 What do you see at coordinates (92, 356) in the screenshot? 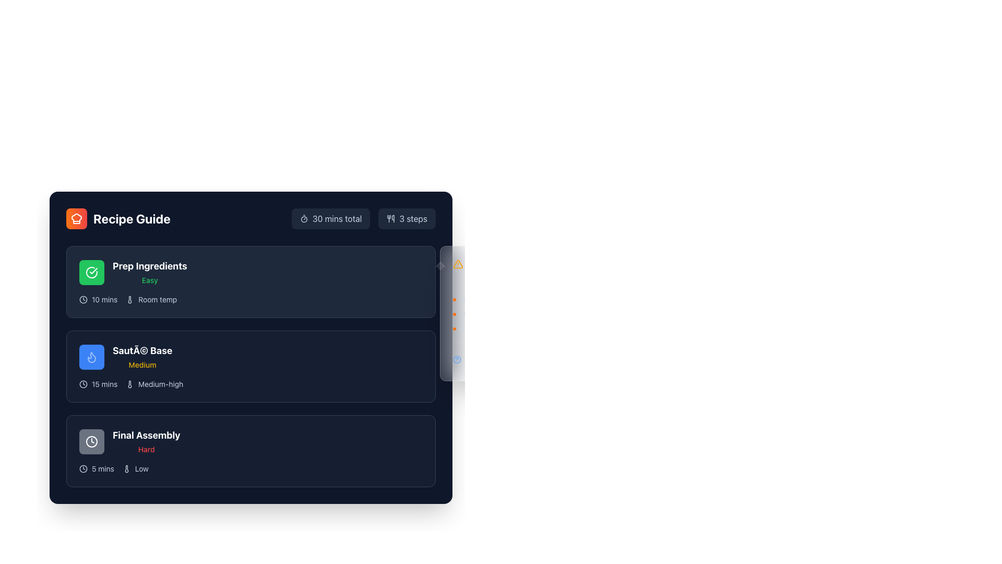
I see `the flame icon with a blue circle background and white outline located in the second row of the 'Recipe Guide' interface next to the title 'Sauté Base'` at bounding box center [92, 356].